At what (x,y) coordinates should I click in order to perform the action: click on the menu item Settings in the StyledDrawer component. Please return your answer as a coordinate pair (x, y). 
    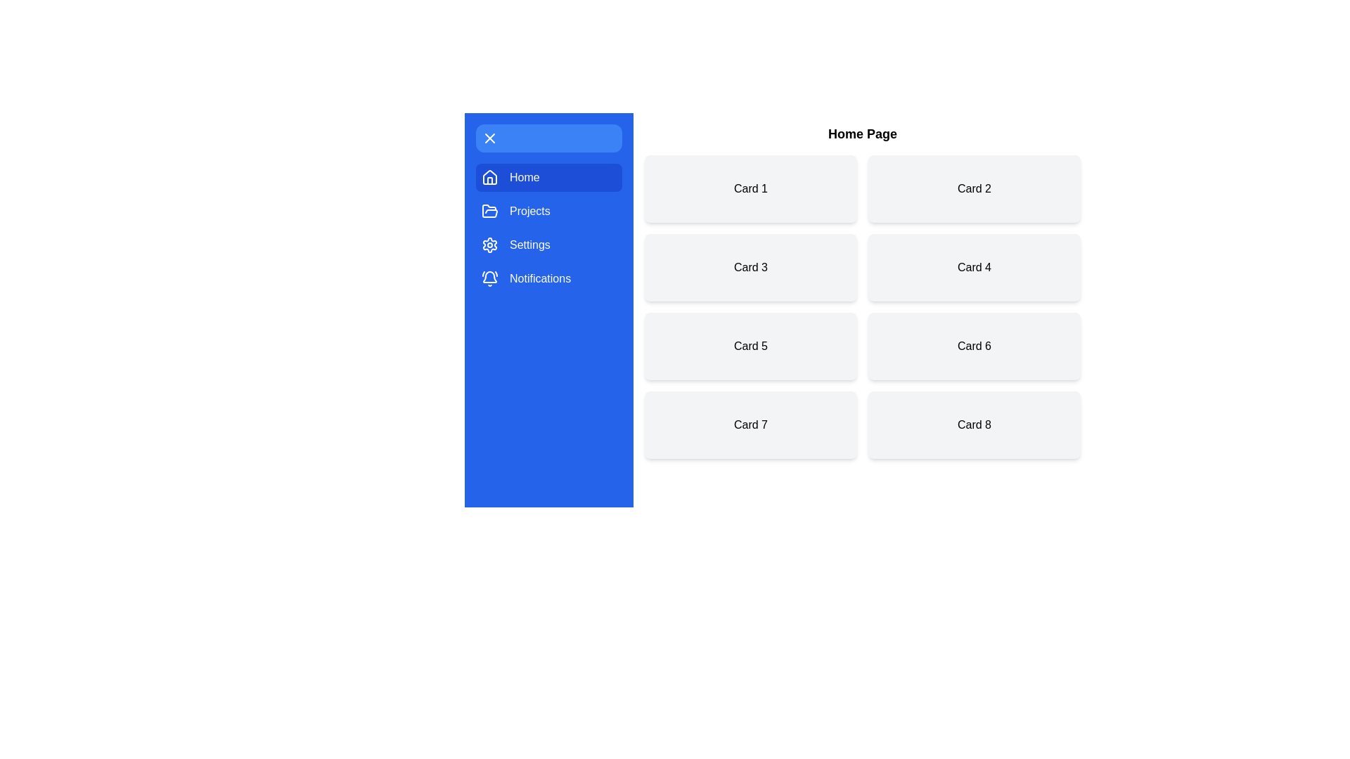
    Looking at the image, I should click on (548, 244).